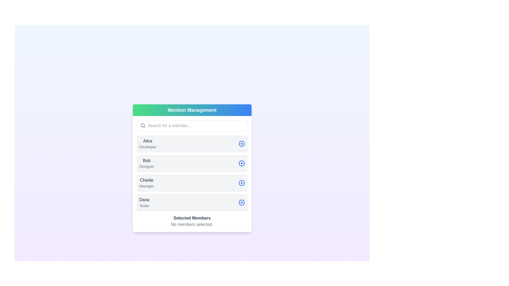  Describe the element at coordinates (148, 144) in the screenshot. I see `the text label displaying 'Alice' and 'Developer', which is the first item in the user entries list below the search bar` at that location.